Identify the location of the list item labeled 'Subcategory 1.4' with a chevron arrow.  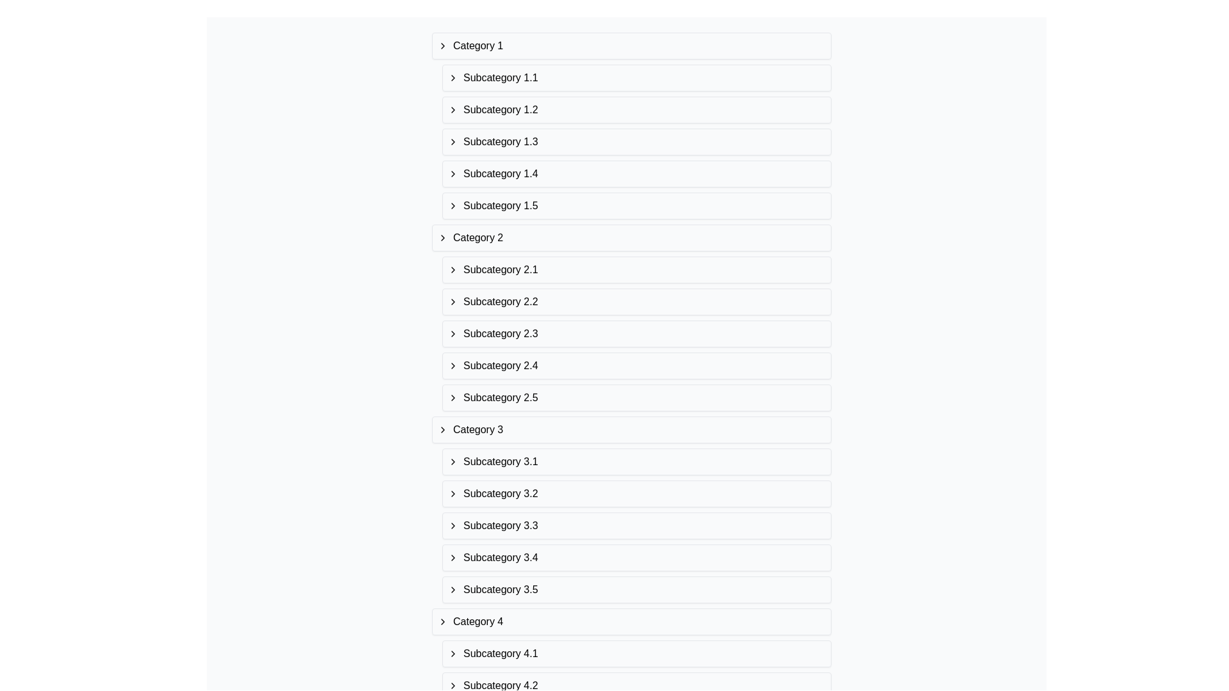
(636, 174).